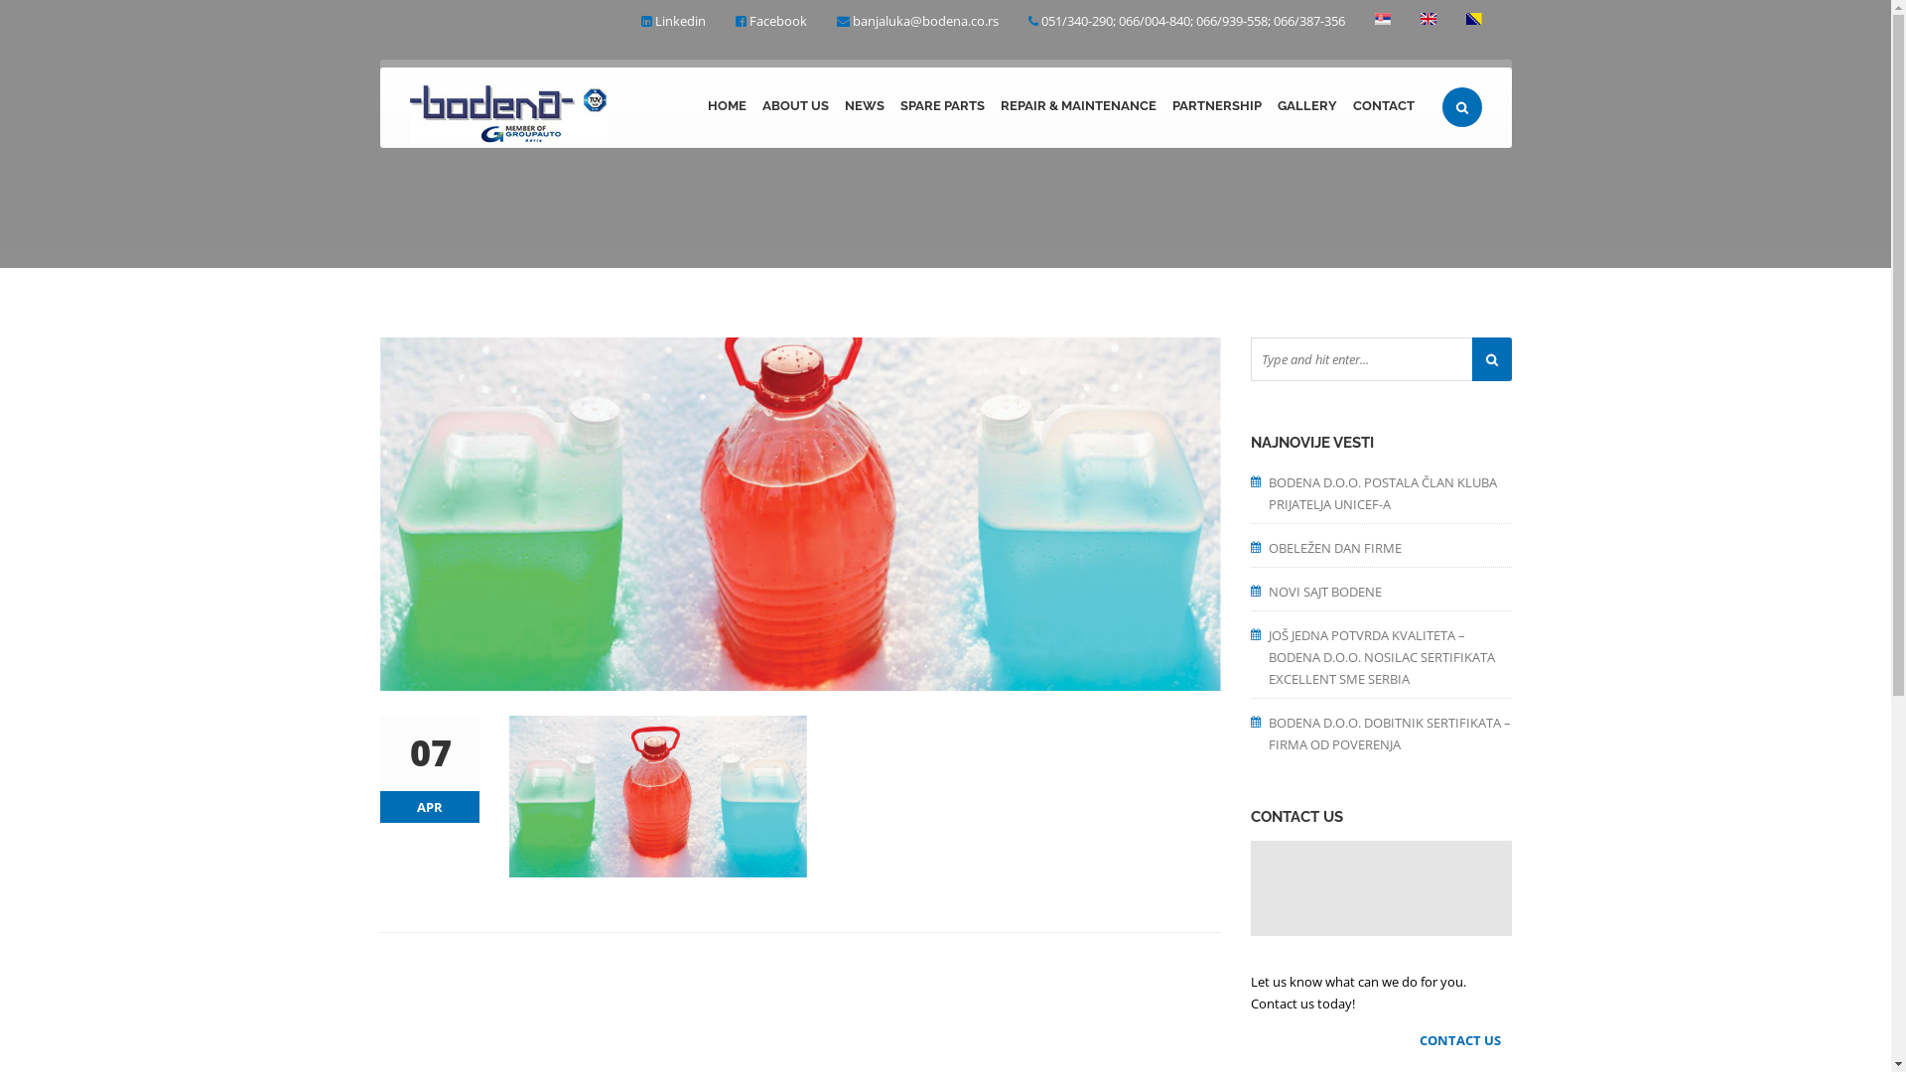 Image resolution: width=1906 pixels, height=1072 pixels. I want to click on 'HOME', so click(725, 107).